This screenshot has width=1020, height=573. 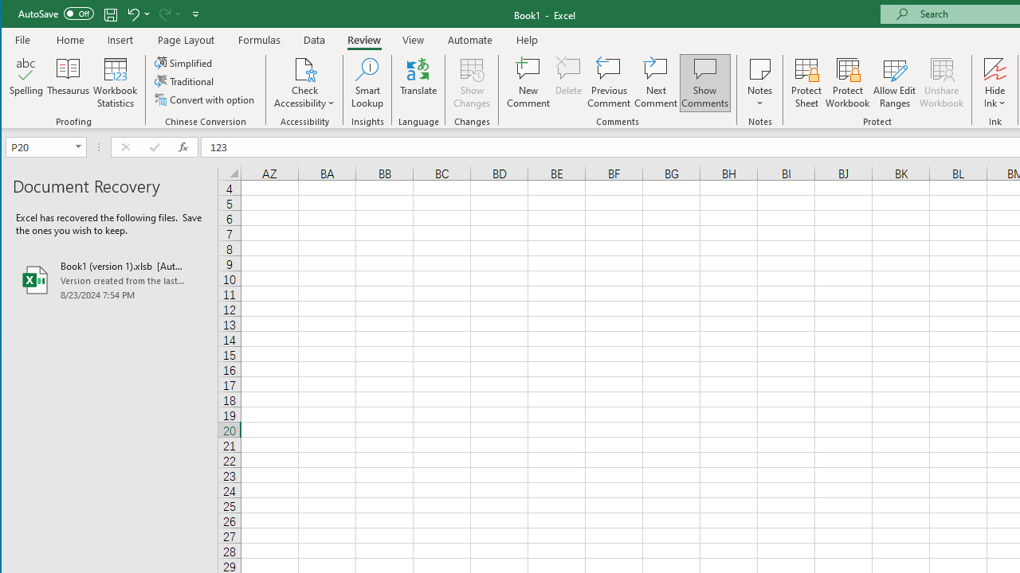 I want to click on 'Check Accessibility', so click(x=304, y=83).